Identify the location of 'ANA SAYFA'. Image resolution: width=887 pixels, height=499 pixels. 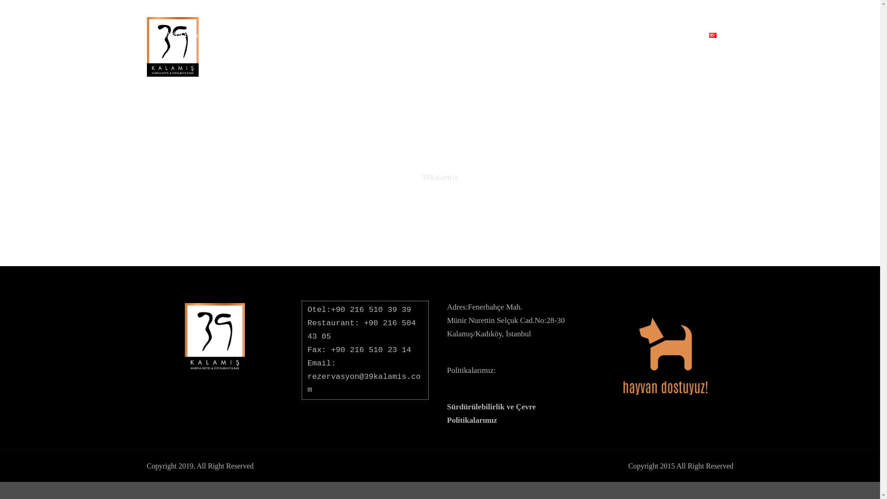
(180, 40).